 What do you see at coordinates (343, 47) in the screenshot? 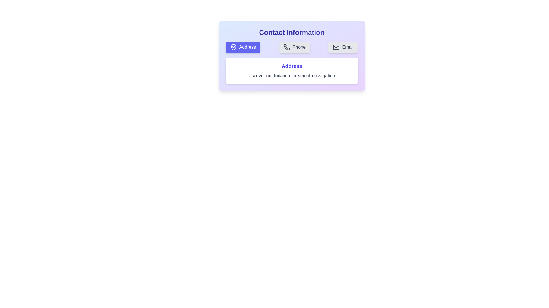
I see `the tab labeled Email to activate it` at bounding box center [343, 47].